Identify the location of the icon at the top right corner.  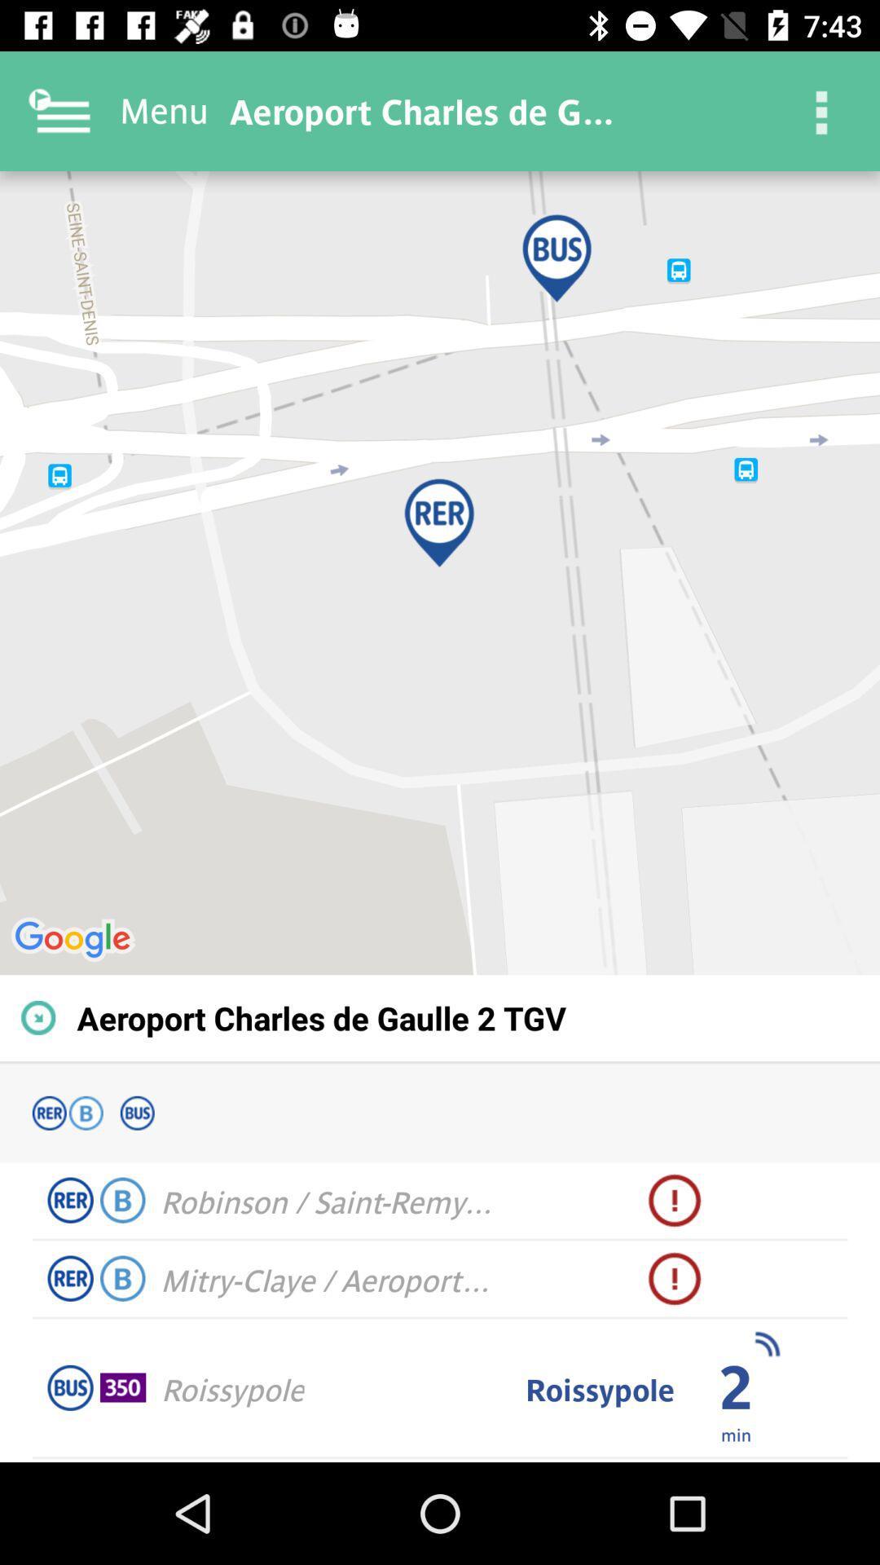
(820, 110).